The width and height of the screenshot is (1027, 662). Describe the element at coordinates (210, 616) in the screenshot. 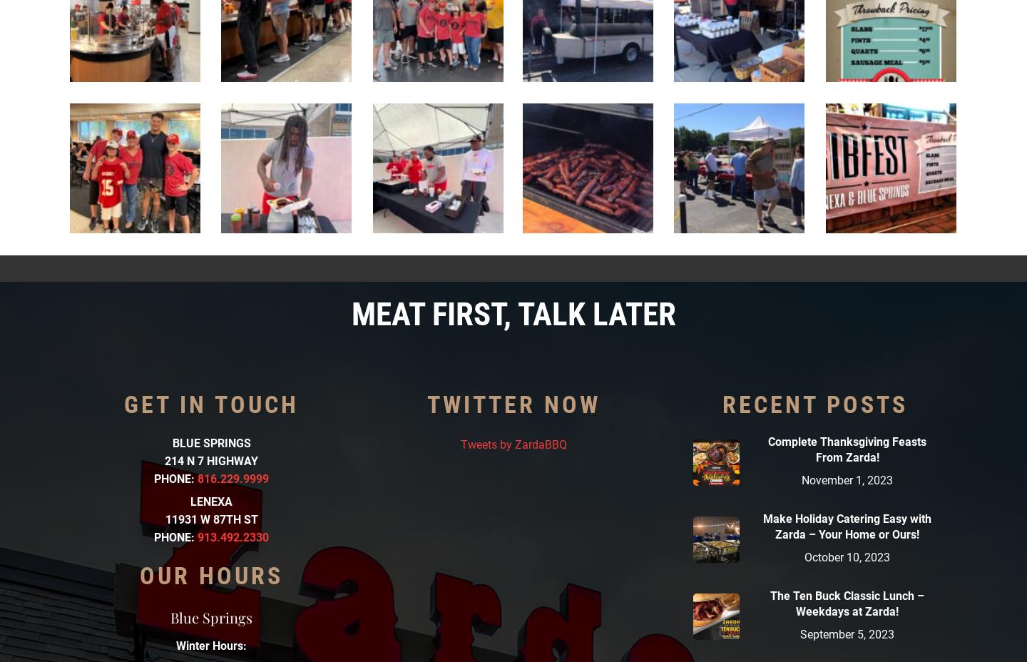

I see `'Blue Springs'` at that location.